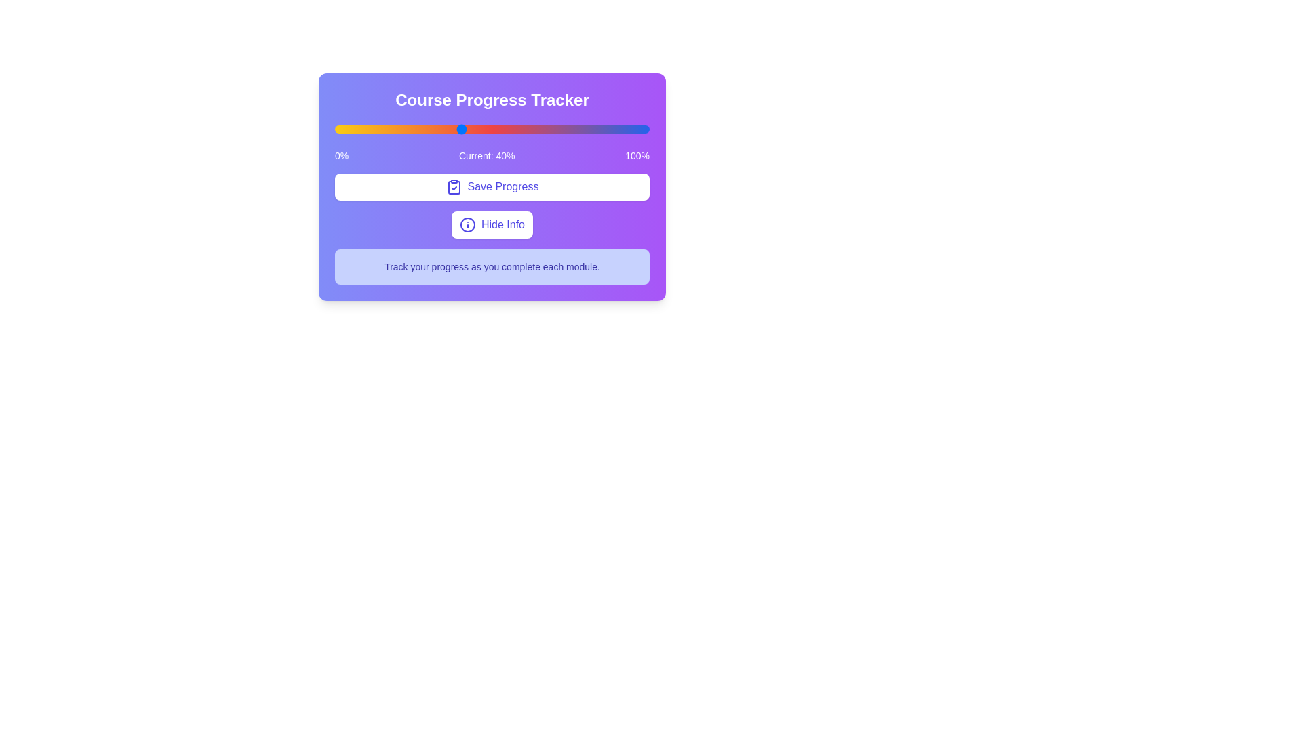 The height and width of the screenshot is (732, 1302). Describe the element at coordinates (491, 99) in the screenshot. I see `the centered, bold text element labeled 'Course Progress Tracker', which is styled with a large font size and white color on a vibrant purple background` at that location.